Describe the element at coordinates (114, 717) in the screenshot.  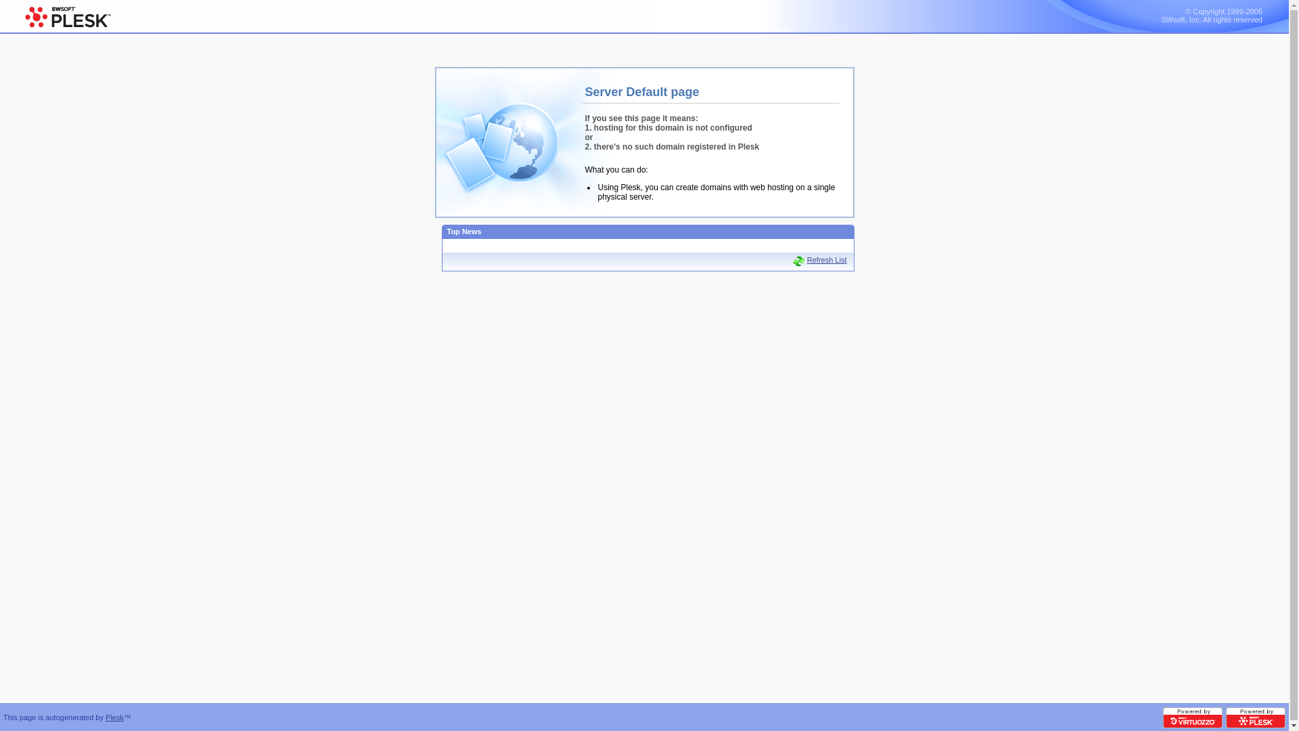
I see `'Plesk'` at that location.